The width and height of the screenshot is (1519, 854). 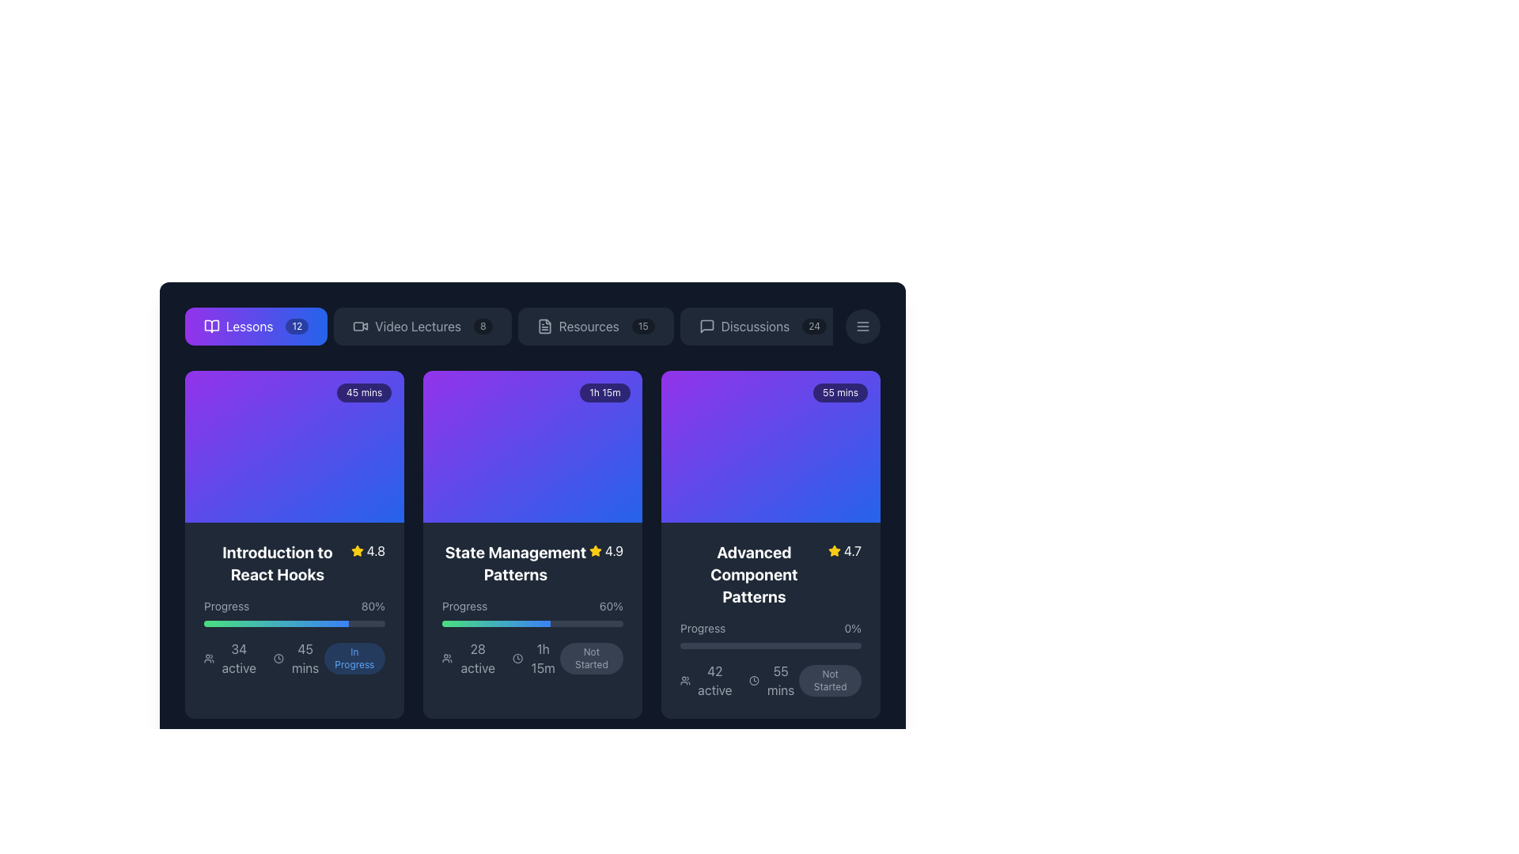 What do you see at coordinates (205, 623) in the screenshot?
I see `the progress bar` at bounding box center [205, 623].